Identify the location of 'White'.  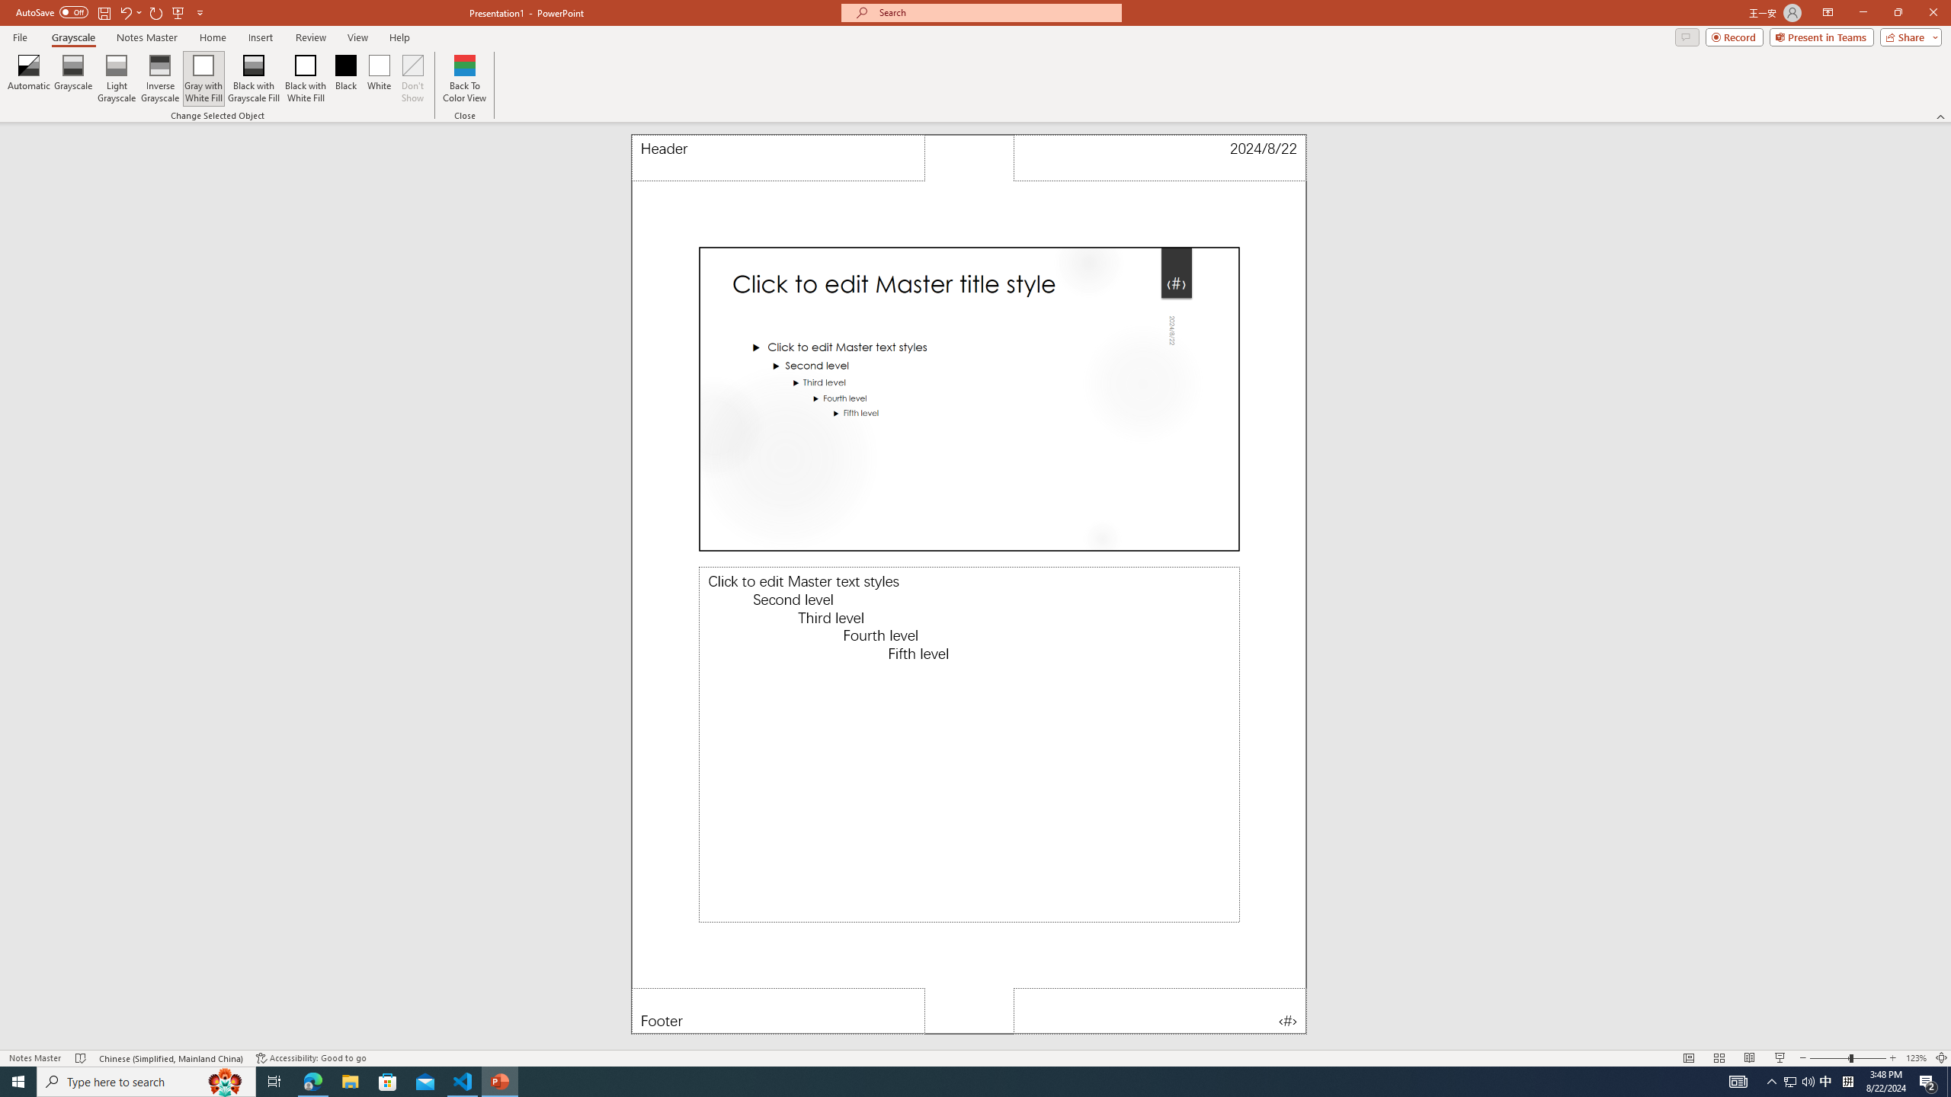
(379, 78).